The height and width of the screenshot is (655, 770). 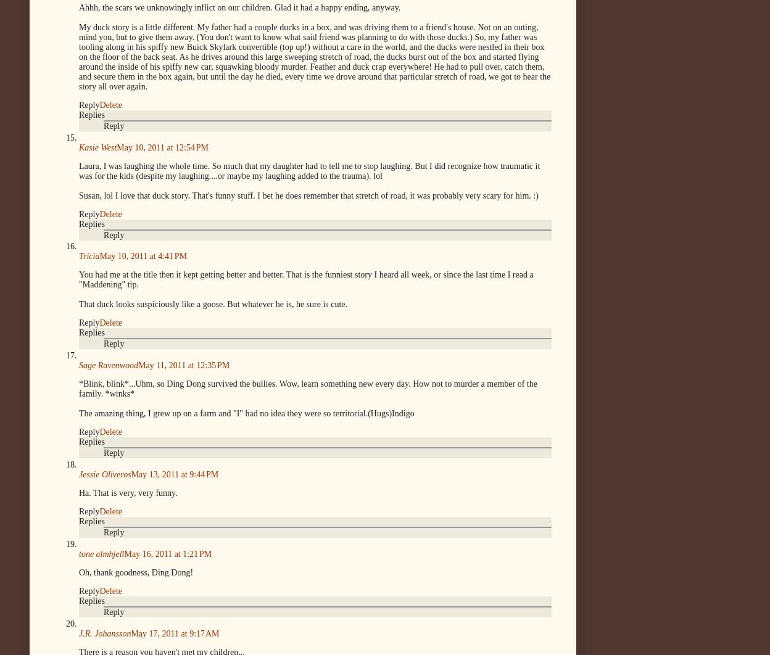 I want to click on 'Ahhh, the scars we unknowingly inflict on our children. Glad it had a happy ending, anyway.', so click(x=79, y=7).